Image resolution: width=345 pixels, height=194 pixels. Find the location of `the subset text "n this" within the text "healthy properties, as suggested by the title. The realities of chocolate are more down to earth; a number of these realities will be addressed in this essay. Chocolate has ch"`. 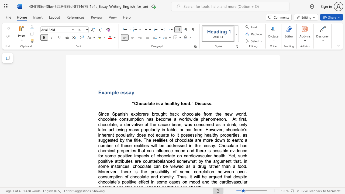

the subset text "n this" within the text "healthy properties, as suggested by the title. The realities of chocolate are more down to earth; a number of these realities will be addressed in this essay. Chocolate has ch" is located at coordinates (190, 145).